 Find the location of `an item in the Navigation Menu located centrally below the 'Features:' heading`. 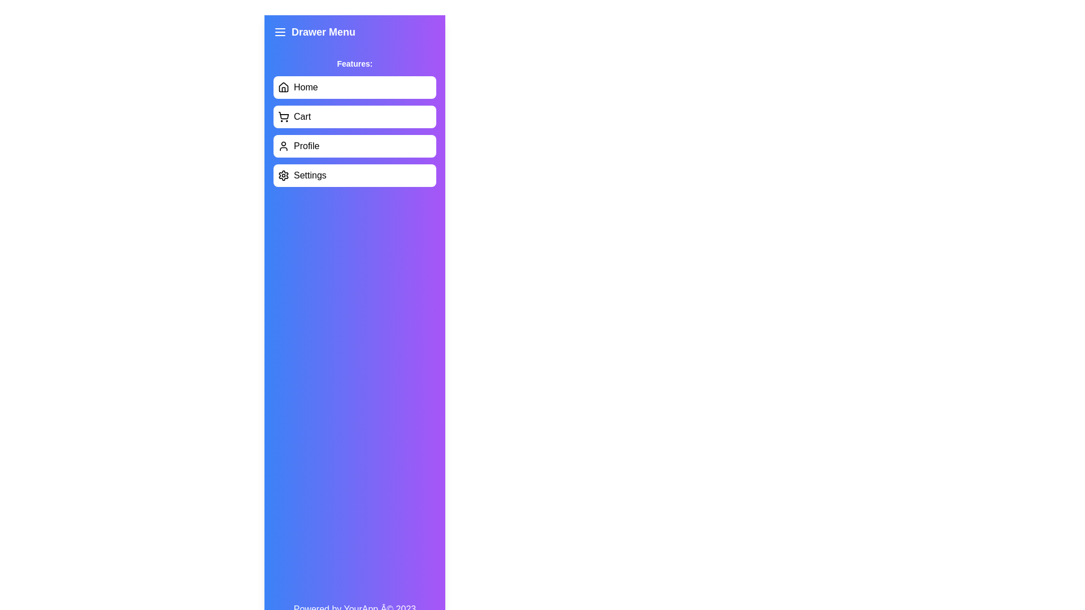

an item in the Navigation Menu located centrally below the 'Features:' heading is located at coordinates (354, 130).